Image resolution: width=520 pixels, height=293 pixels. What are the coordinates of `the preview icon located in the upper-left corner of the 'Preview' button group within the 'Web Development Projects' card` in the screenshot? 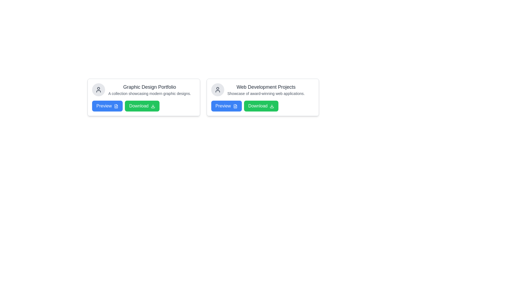 It's located at (235, 106).